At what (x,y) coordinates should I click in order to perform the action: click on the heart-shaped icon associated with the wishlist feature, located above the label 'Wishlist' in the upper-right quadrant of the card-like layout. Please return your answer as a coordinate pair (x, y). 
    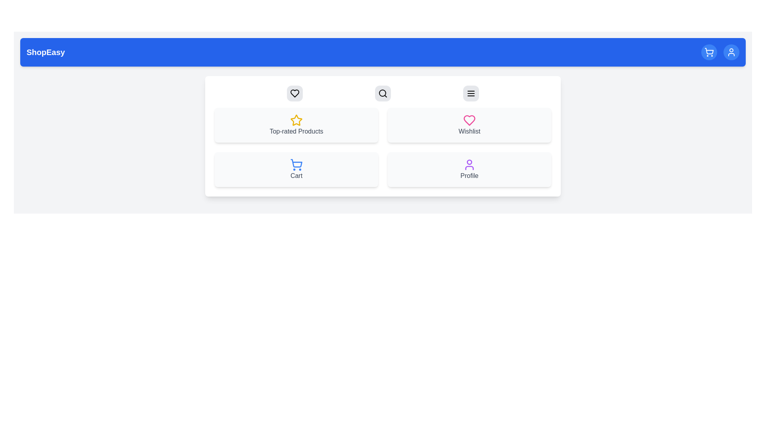
    Looking at the image, I should click on (294, 93).